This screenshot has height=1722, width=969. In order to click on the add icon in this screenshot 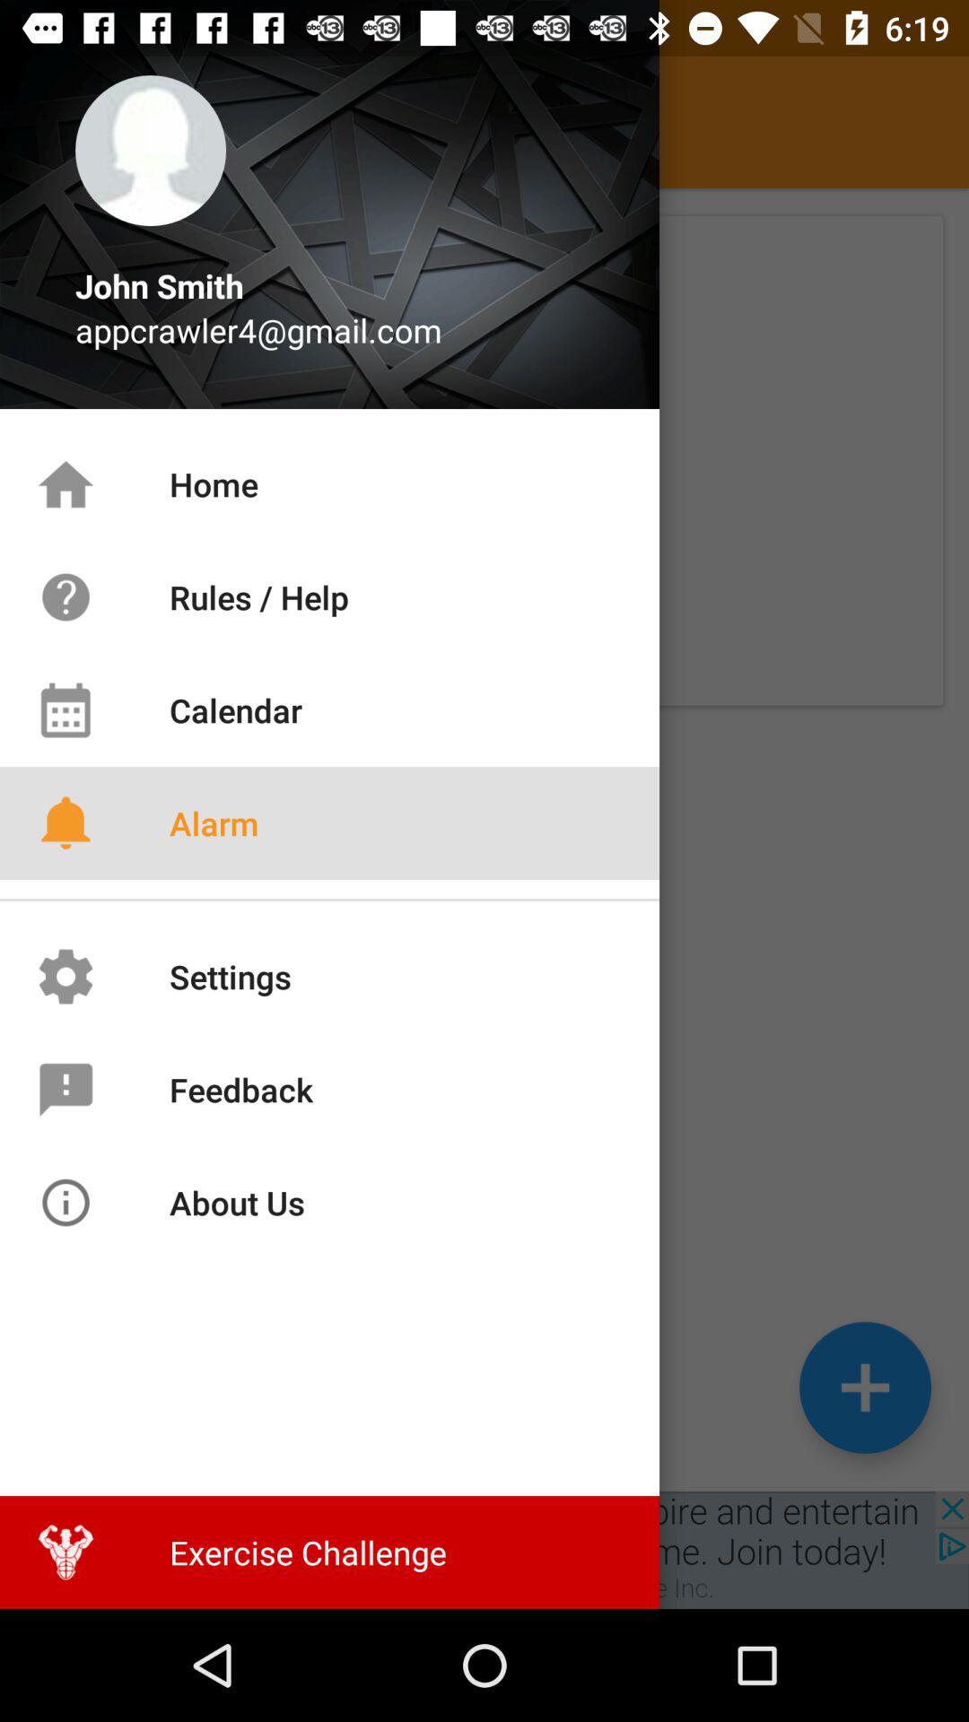, I will do `click(864, 1387)`.